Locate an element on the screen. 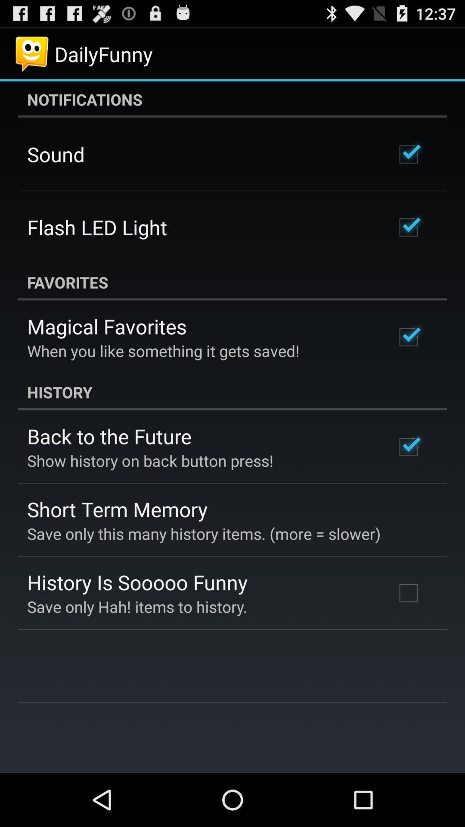 The height and width of the screenshot is (827, 465). the app below the save only this is located at coordinates (137, 582).